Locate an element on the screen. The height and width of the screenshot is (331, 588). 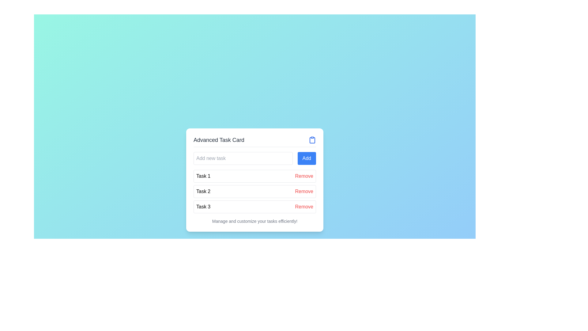
the blue-colored clipboard icon located at the top-right corner of the 'Advanced Task Card' header is located at coordinates (312, 140).